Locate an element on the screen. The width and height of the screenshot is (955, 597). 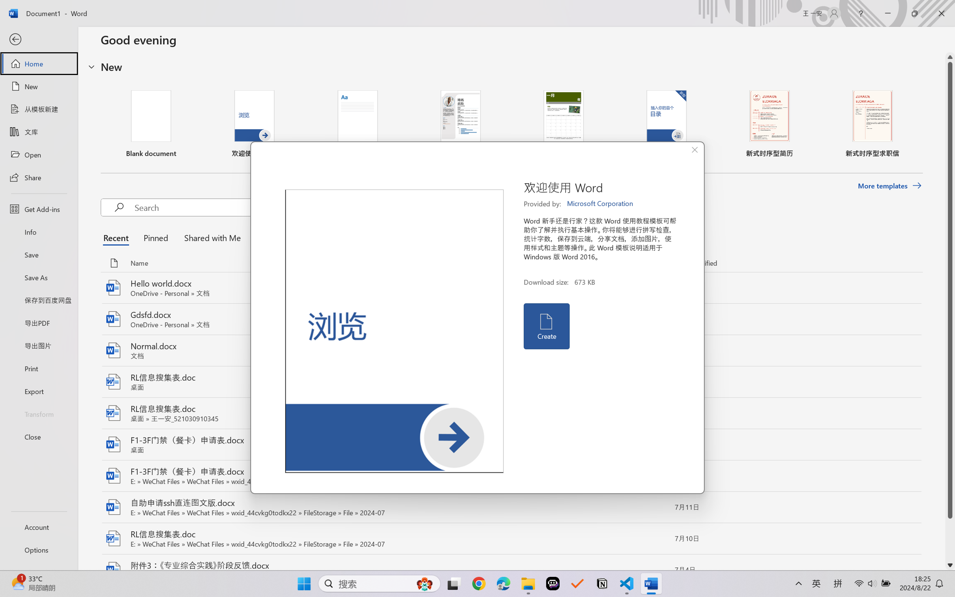
'Options' is located at coordinates (38, 549).